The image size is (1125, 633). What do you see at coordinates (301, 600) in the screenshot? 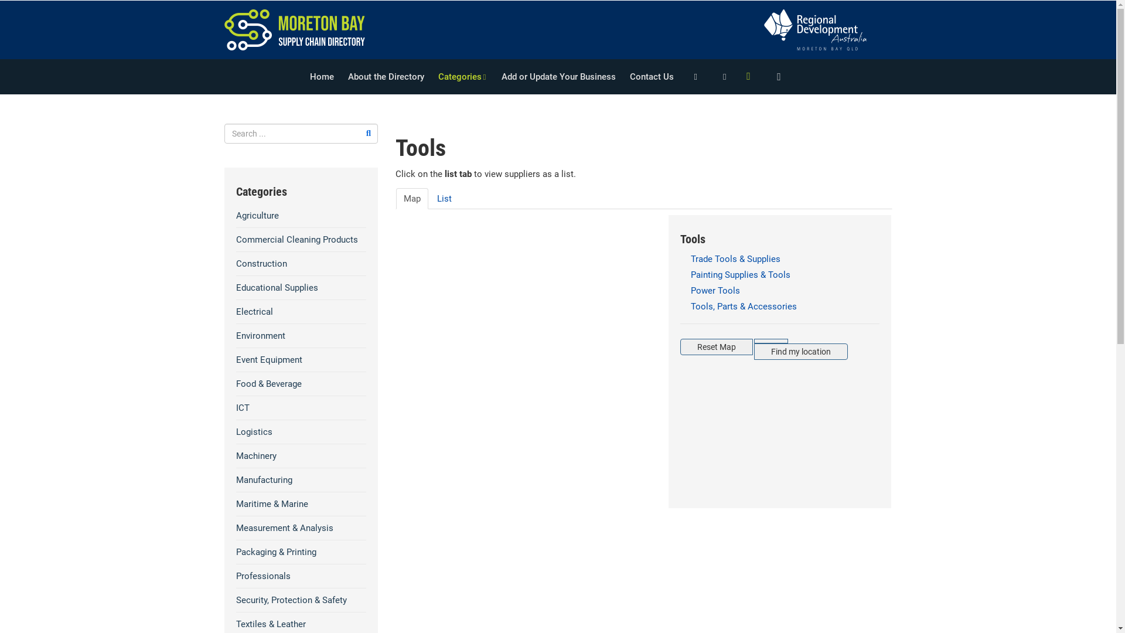
I see `'Security, Protection & Safety'` at bounding box center [301, 600].